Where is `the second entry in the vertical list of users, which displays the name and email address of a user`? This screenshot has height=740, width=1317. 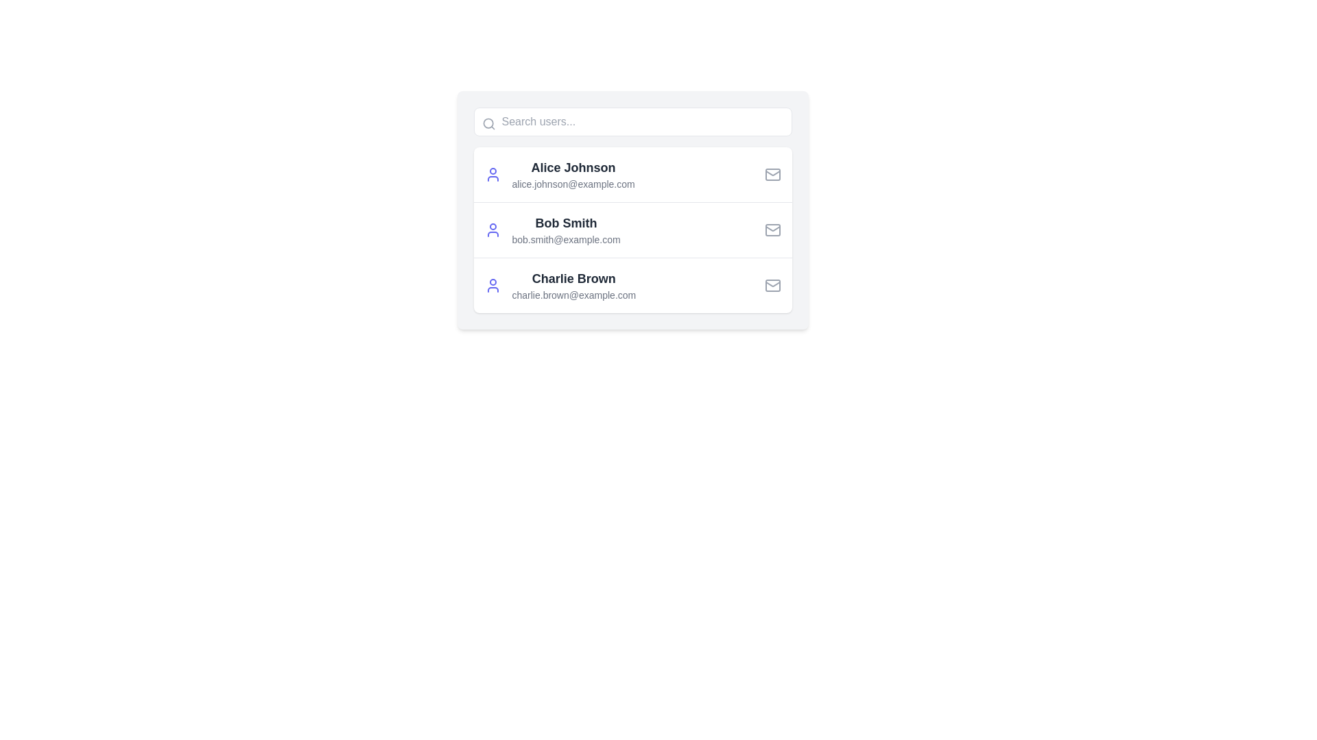
the second entry in the vertical list of users, which displays the name and email address of a user is located at coordinates (566, 229).